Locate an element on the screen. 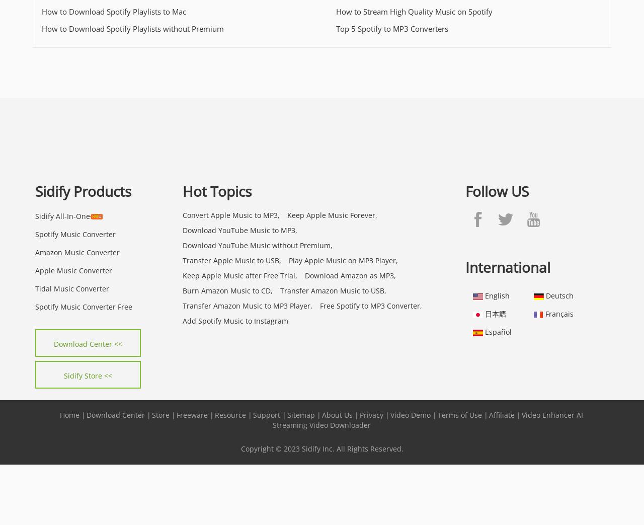  'Transfer Amazon Music to MP3 Player,' is located at coordinates (247, 305).